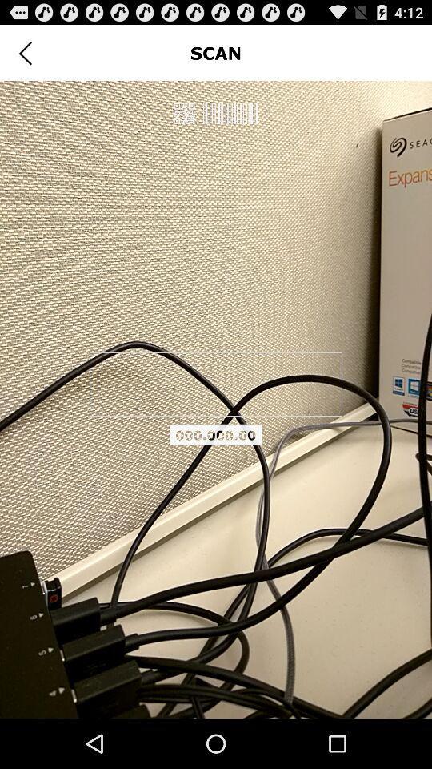  Describe the element at coordinates (24, 57) in the screenshot. I see `the arrow_backward icon` at that location.